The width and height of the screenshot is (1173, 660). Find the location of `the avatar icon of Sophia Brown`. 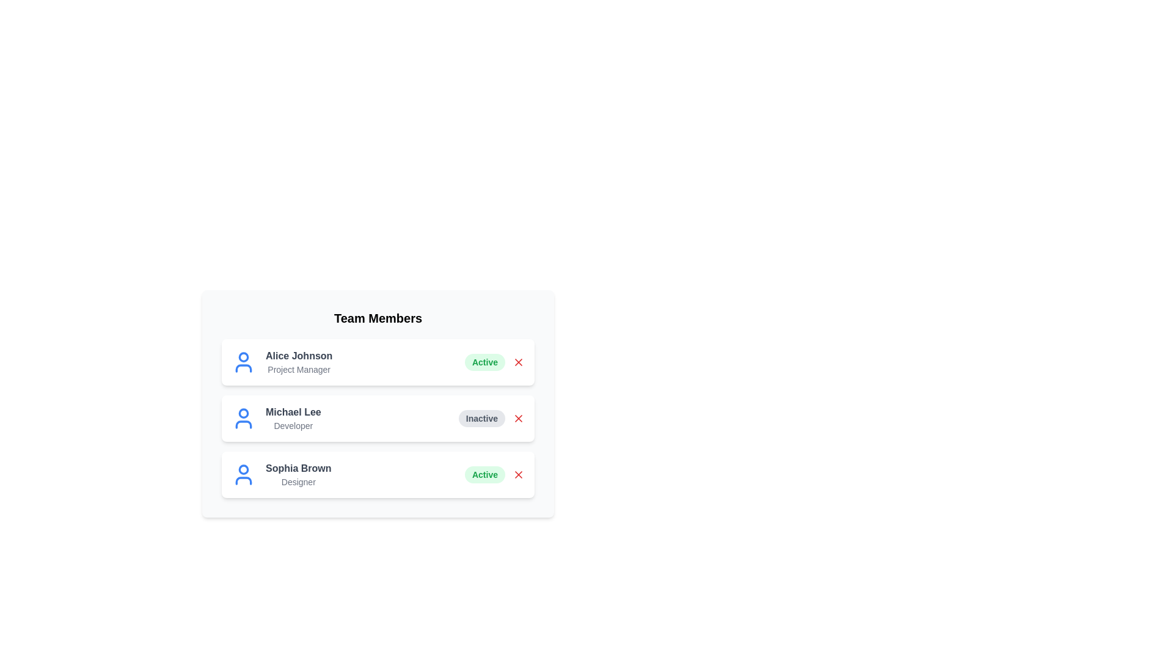

the avatar icon of Sophia Brown is located at coordinates (243, 474).